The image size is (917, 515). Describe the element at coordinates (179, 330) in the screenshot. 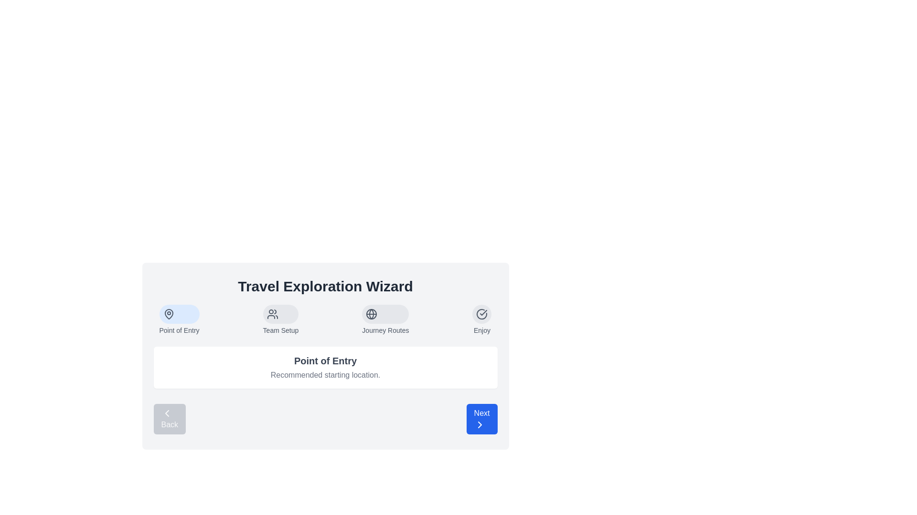

I see `'Point of Entry' text label which is centrally aligned below a location pin icon in a horizontal list of items` at that location.